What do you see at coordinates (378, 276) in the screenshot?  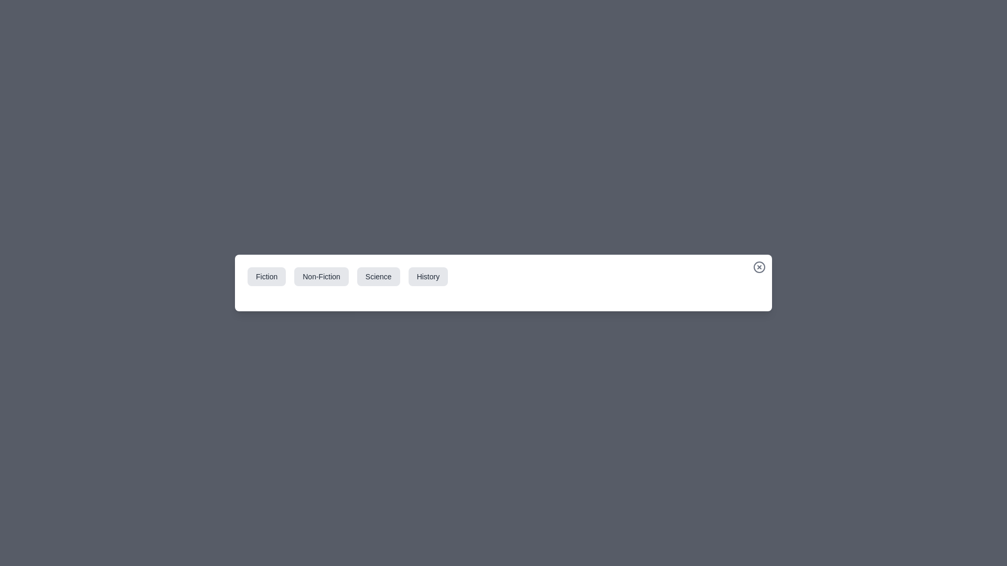 I see `the Science tab` at bounding box center [378, 276].